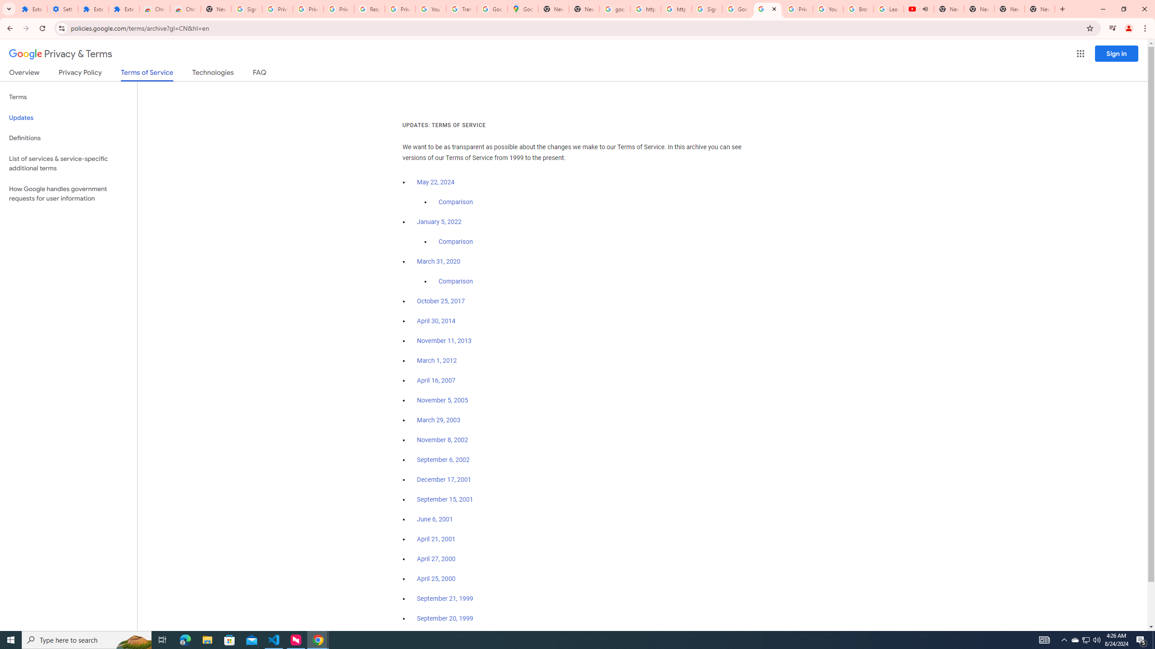 Image resolution: width=1155 pixels, height=649 pixels. Describe the element at coordinates (444, 340) in the screenshot. I see `'November 11, 2013'` at that location.